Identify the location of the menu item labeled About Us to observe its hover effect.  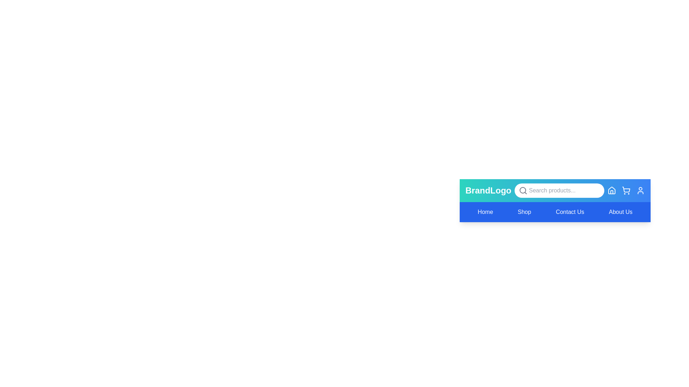
(620, 211).